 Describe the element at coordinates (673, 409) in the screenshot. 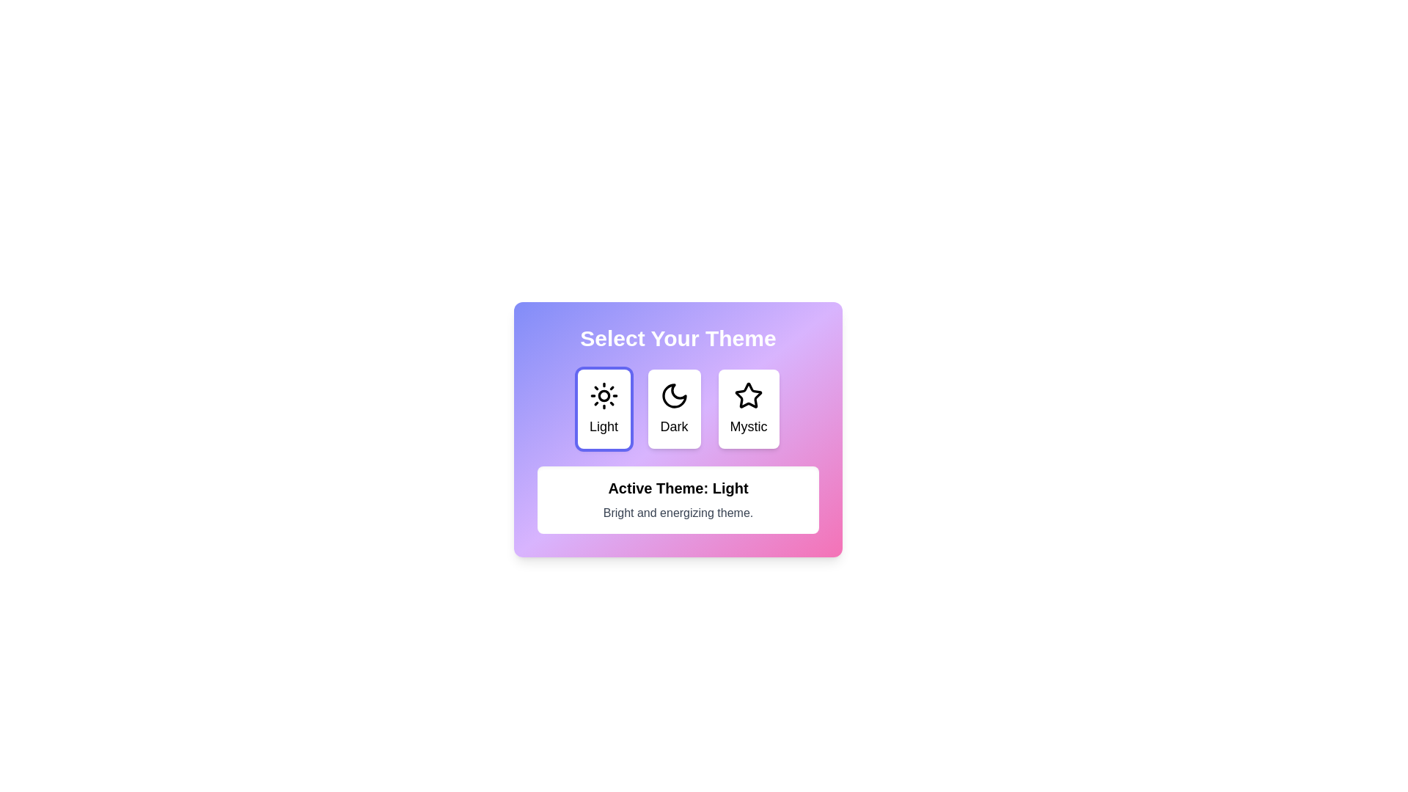

I see `the button corresponding to the theme Dark` at that location.